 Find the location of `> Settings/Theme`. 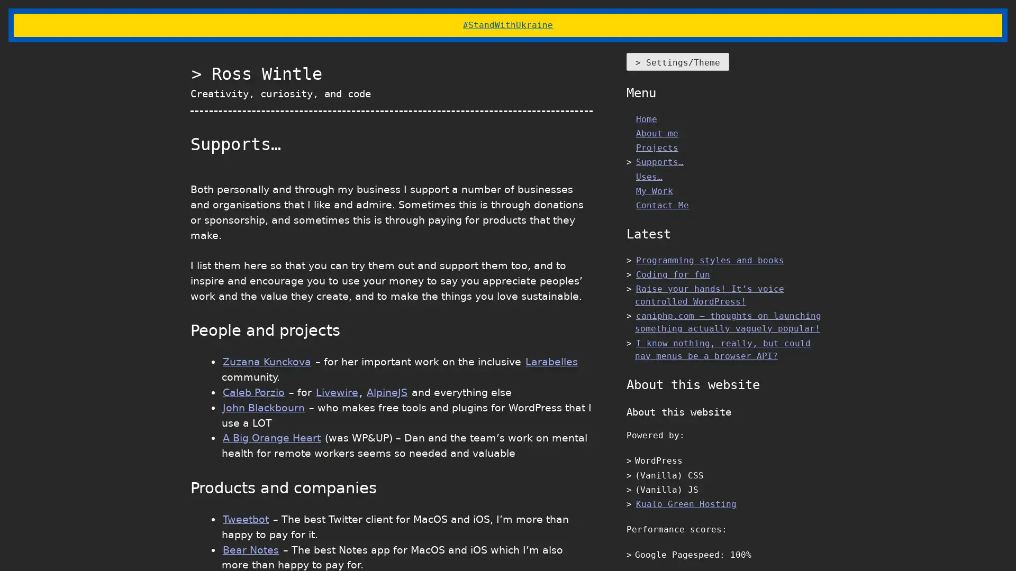

> Settings/Theme is located at coordinates (678, 61).